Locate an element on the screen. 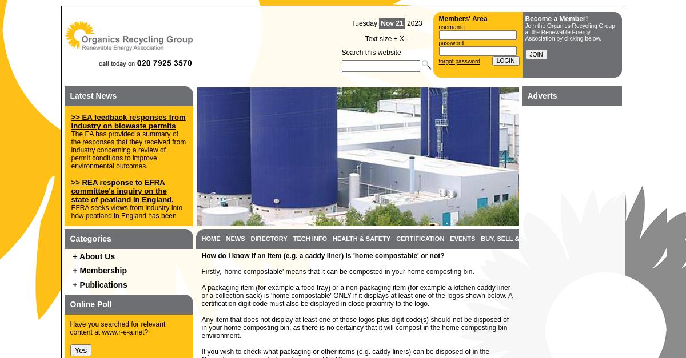 The width and height of the screenshot is (686, 358). '+' is located at coordinates (393, 38).